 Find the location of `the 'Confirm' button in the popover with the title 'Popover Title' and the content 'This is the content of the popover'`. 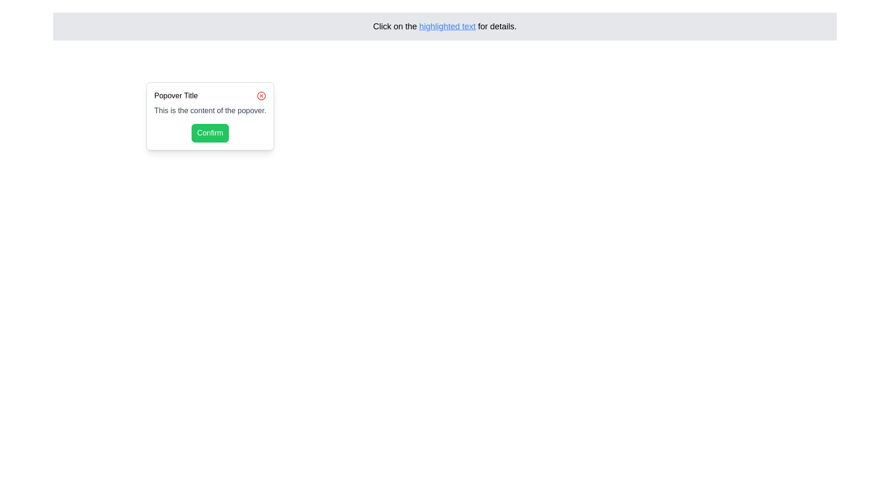

the 'Confirm' button in the popover with the title 'Popover Title' and the content 'This is the content of the popover' is located at coordinates (210, 116).